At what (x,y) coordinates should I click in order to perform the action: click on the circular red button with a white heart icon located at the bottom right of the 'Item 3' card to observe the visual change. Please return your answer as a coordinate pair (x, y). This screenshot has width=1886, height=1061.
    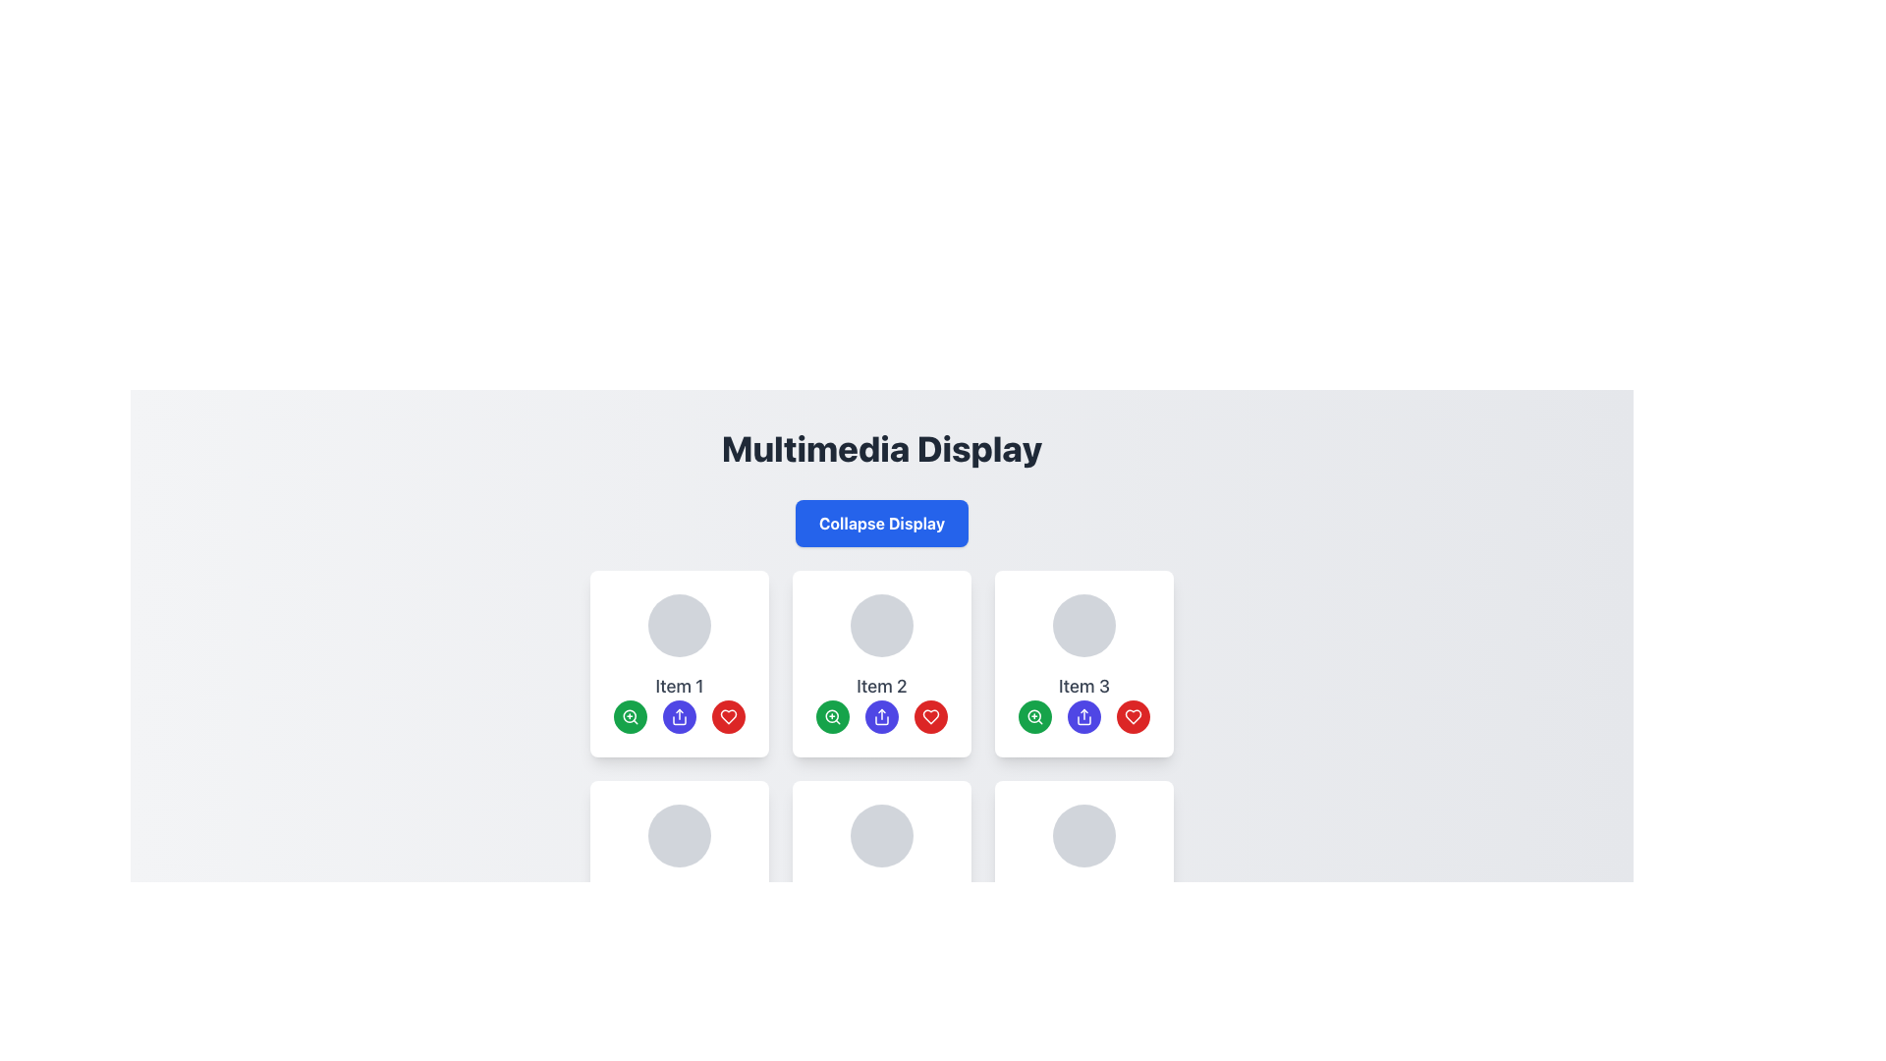
    Looking at the image, I should click on (1133, 716).